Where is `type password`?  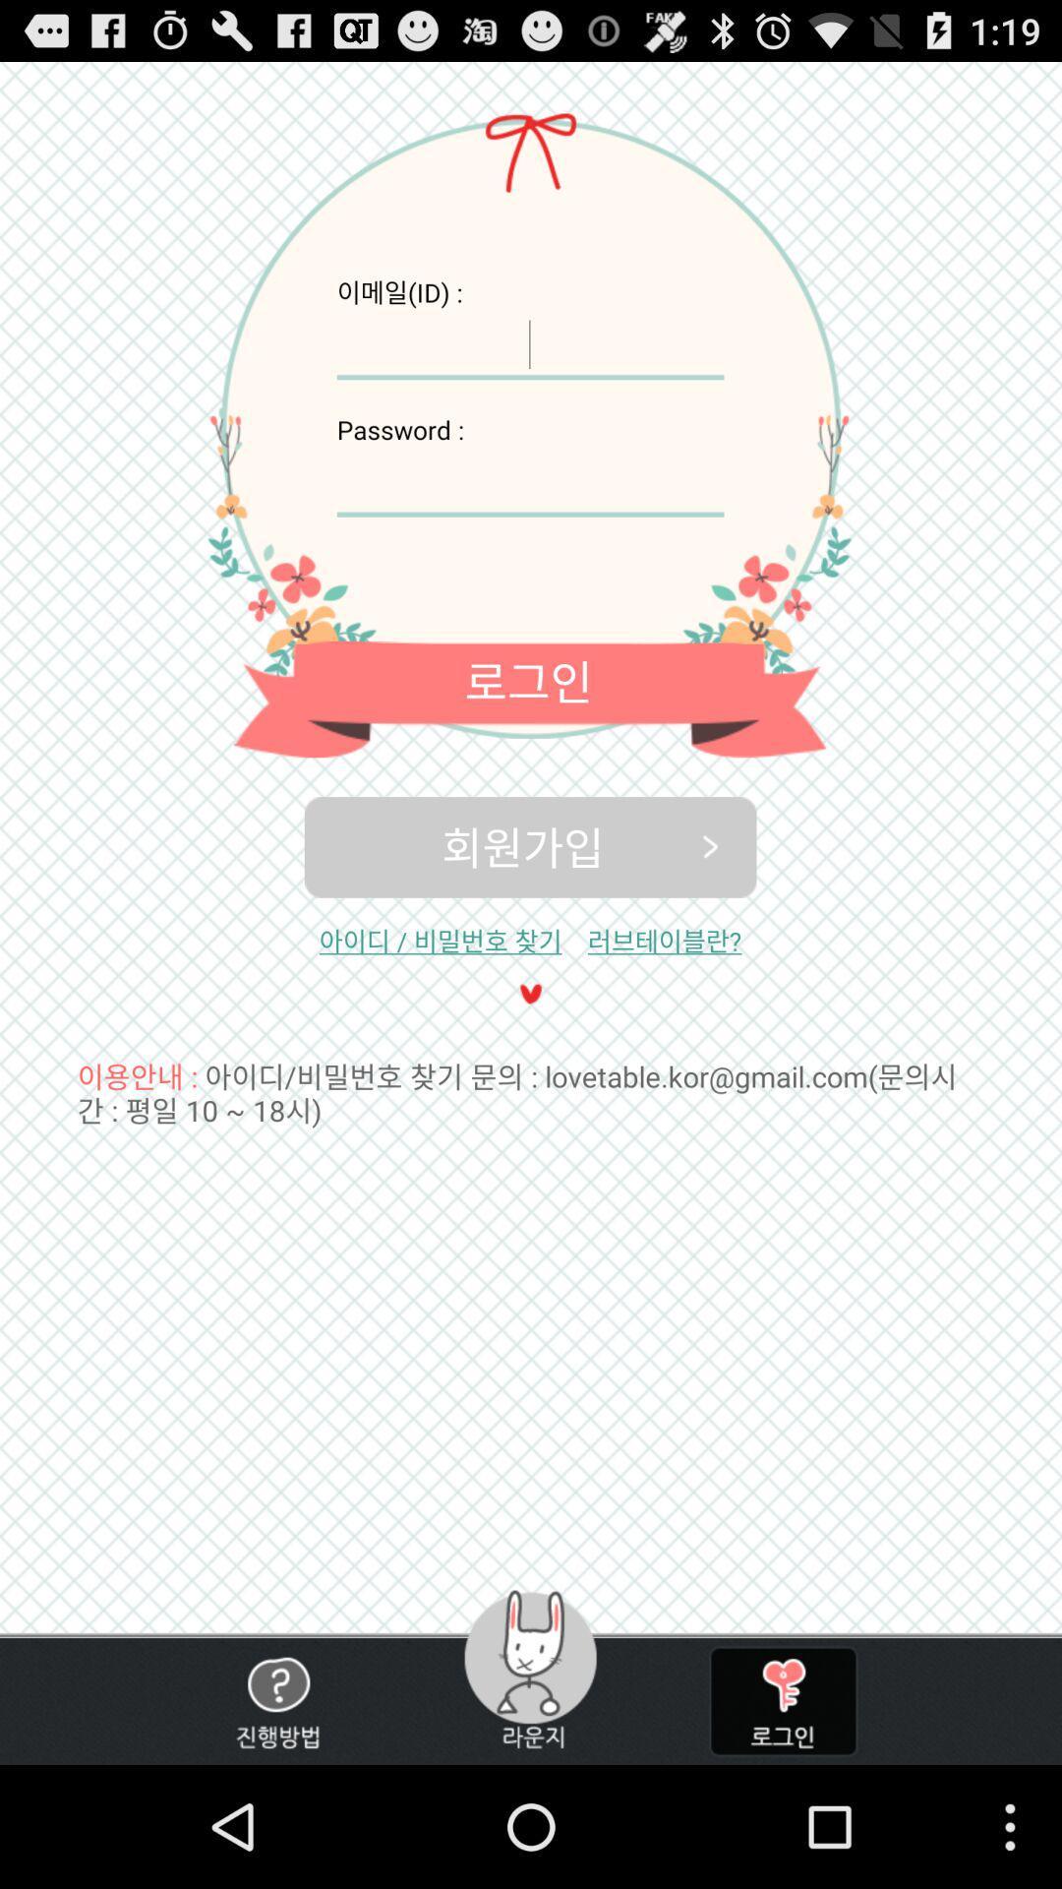
type password is located at coordinates (782, 1700).